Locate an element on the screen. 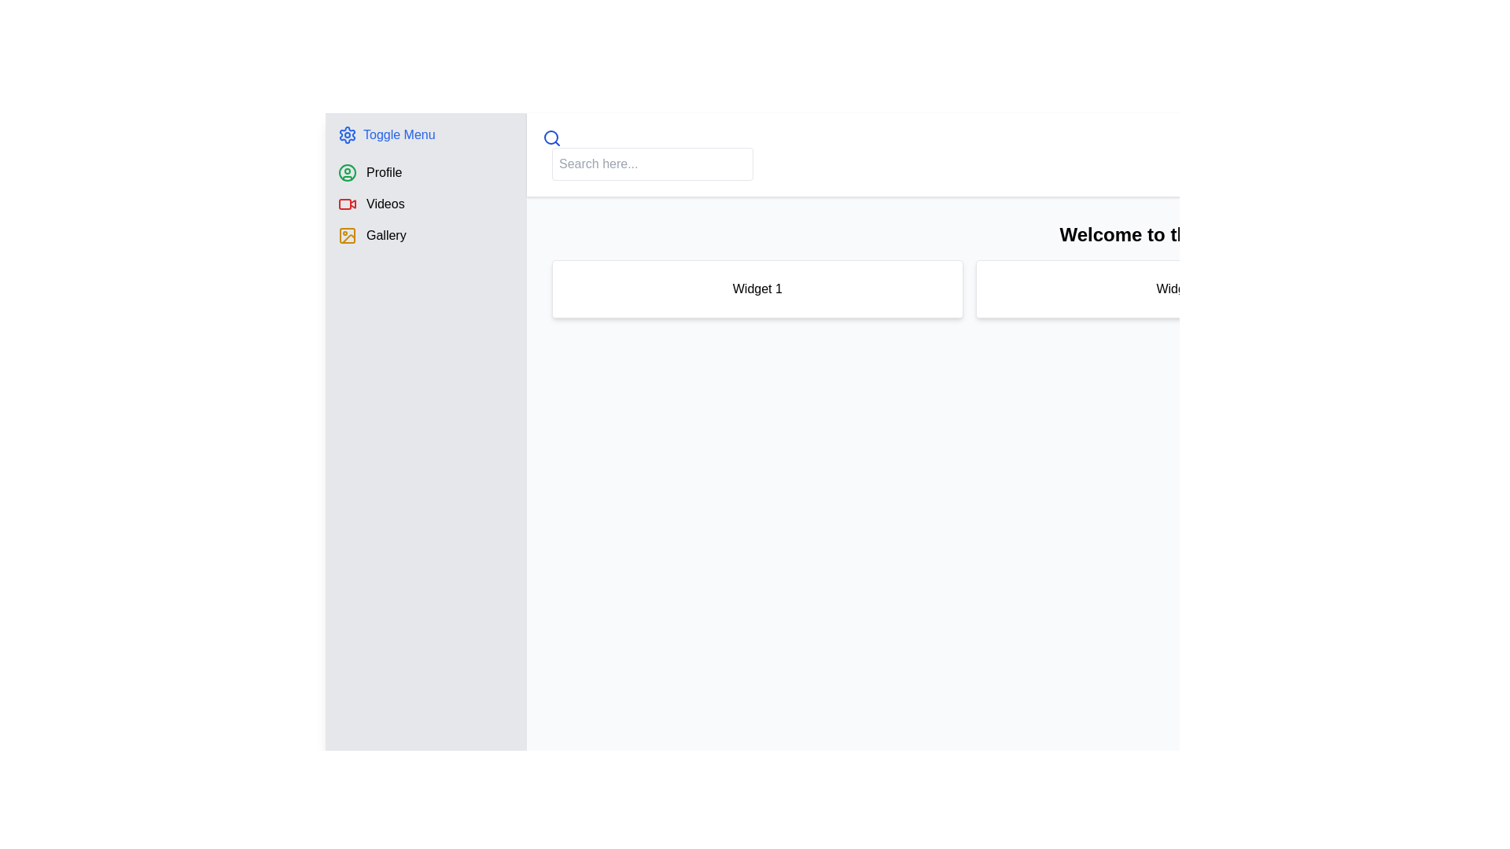 This screenshot has width=1510, height=849. the outermost circular outline of the user profile icon located in the left-hand navigation menu, next to the 'Profile' menu item is located at coordinates (346, 172).